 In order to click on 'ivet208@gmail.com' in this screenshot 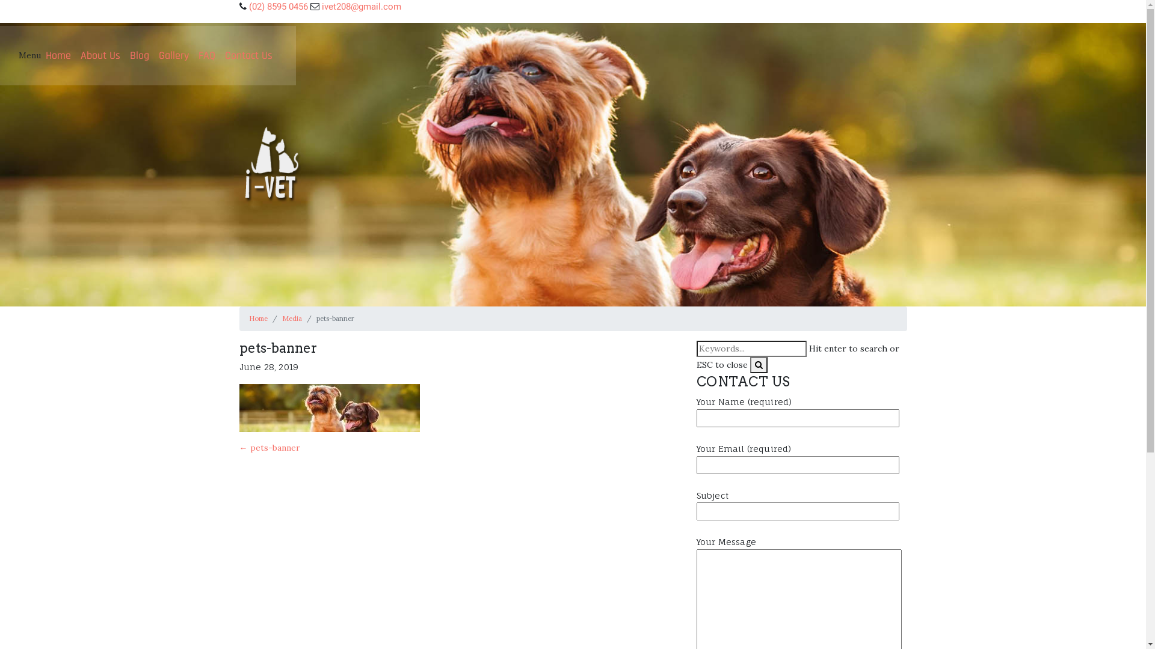, I will do `click(360, 7)`.